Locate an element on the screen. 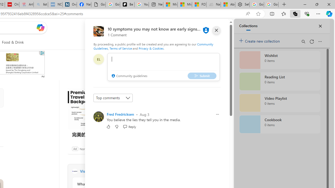  'Fred Fredricksen' is located at coordinates (120, 114).